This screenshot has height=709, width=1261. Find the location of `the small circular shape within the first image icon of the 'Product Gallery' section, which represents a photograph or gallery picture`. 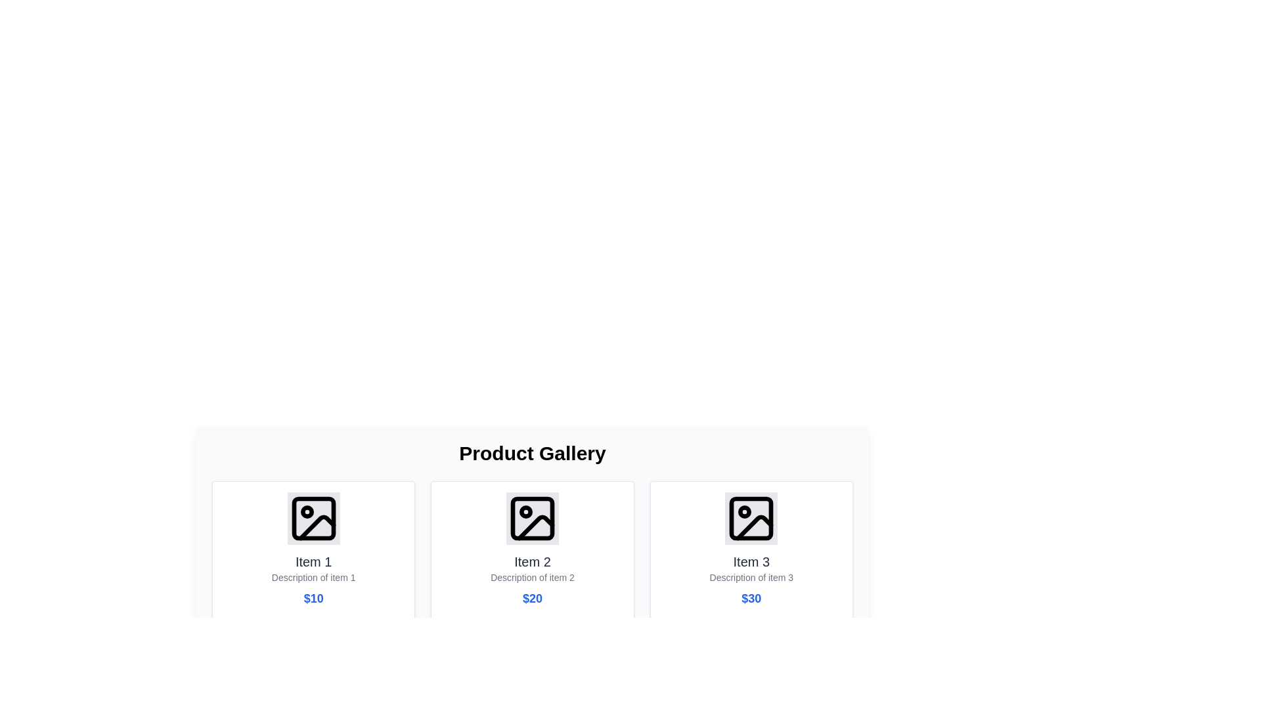

the small circular shape within the first image icon of the 'Product Gallery' section, which represents a photograph or gallery picture is located at coordinates (306, 511).